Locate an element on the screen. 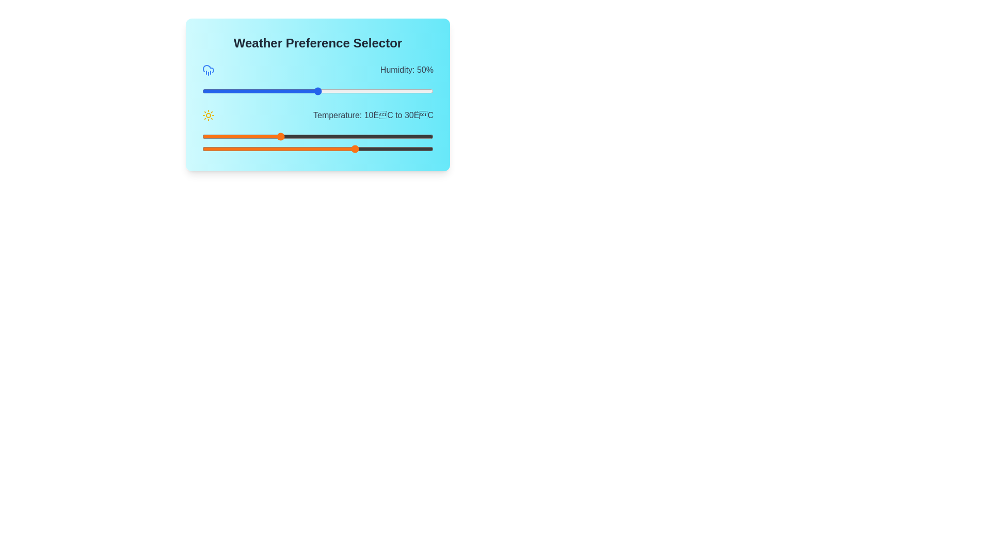 The image size is (991, 557). the humidity slider to 79% is located at coordinates (384, 91).